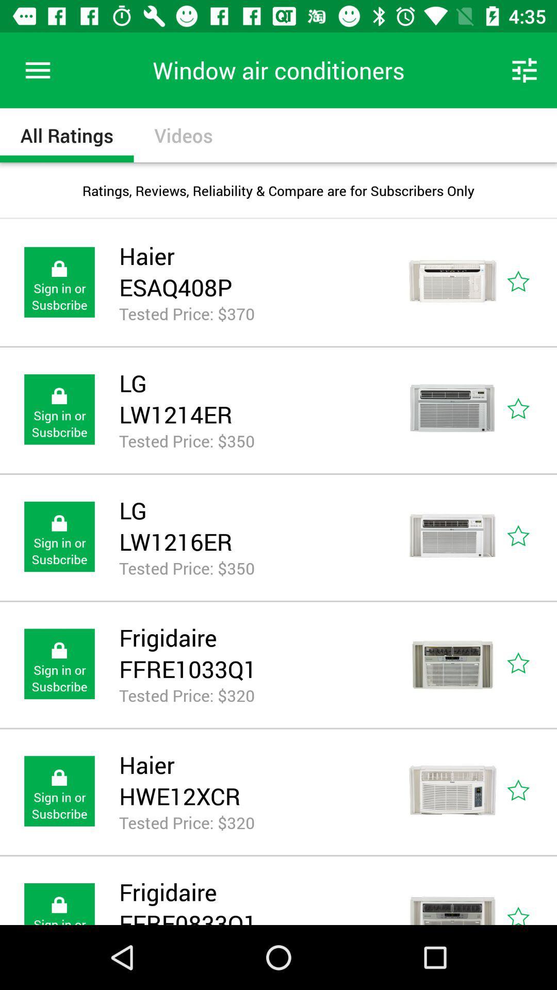  Describe the element at coordinates (530, 409) in the screenshot. I see `mark as a favorite` at that location.